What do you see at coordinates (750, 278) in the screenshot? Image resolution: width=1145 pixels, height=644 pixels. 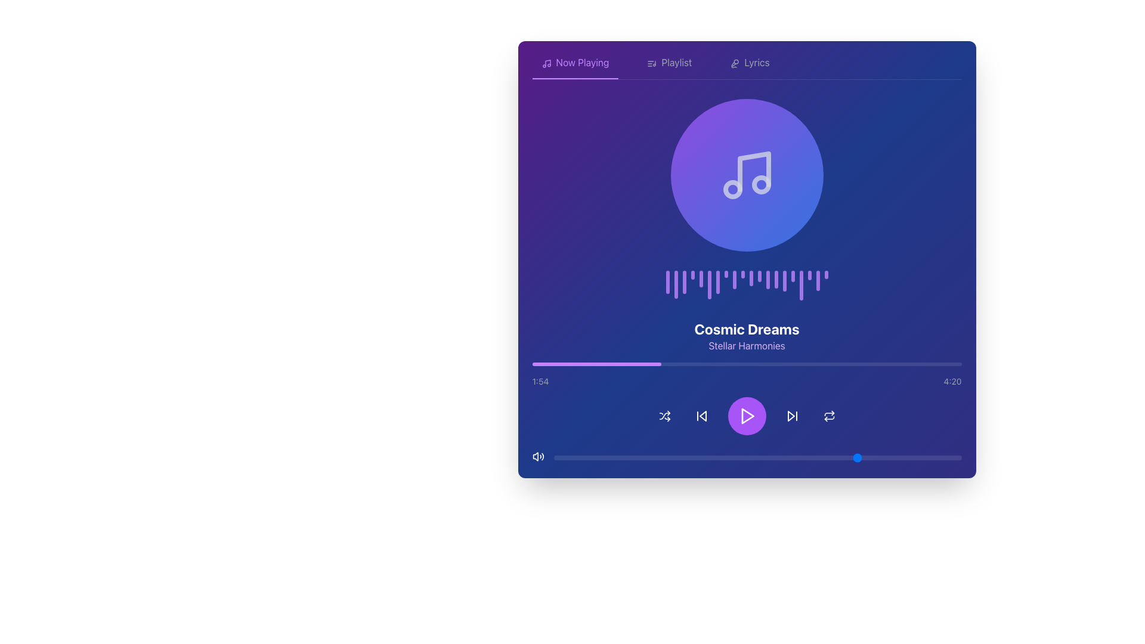 I see `the 11th vertical Visualization bar with rounded edges and a purple hue in the music player interface` at bounding box center [750, 278].